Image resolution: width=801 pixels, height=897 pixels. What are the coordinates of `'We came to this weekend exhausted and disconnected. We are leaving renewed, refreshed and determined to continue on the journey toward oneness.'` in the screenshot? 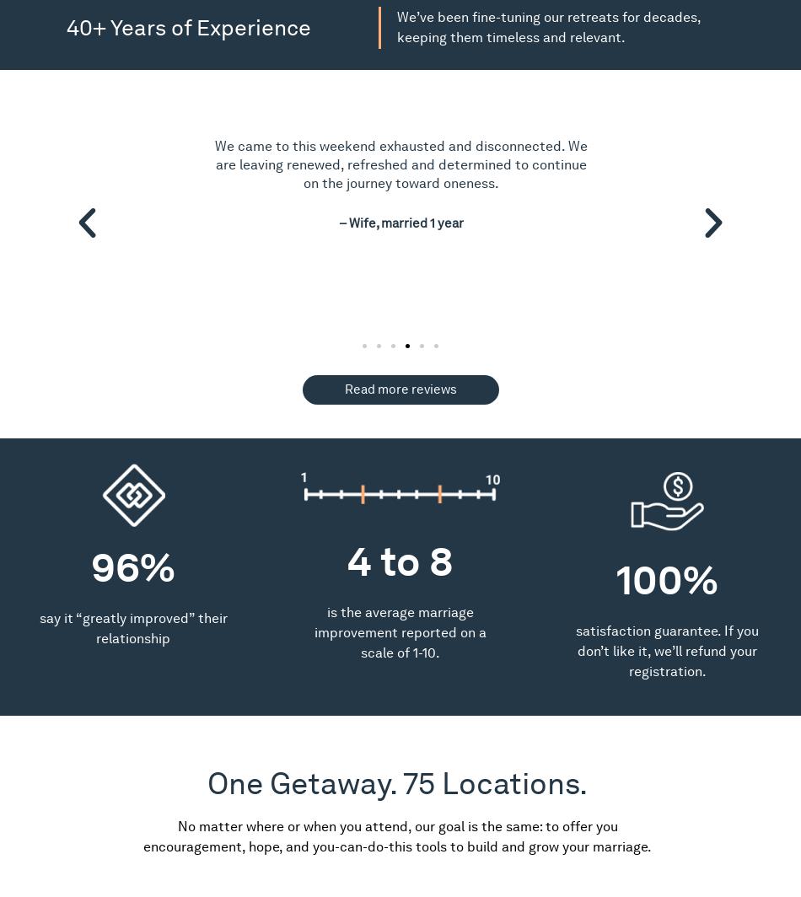 It's located at (213, 164).